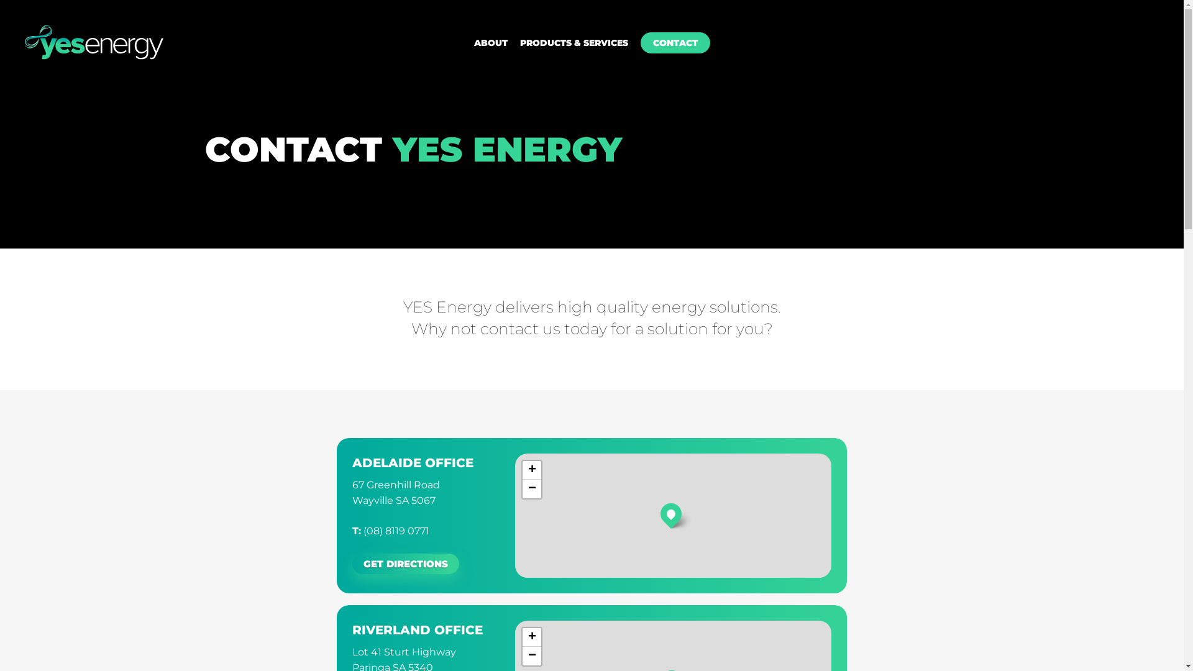 The height and width of the screenshot is (671, 1193). Describe the element at coordinates (531, 637) in the screenshot. I see `'+'` at that location.